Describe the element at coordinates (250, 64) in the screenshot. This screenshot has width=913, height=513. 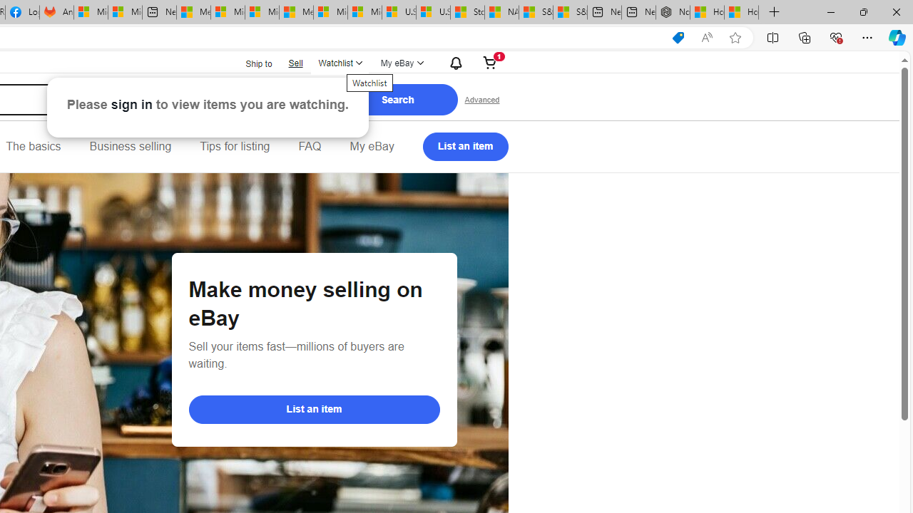
I see `'Ship to'` at that location.